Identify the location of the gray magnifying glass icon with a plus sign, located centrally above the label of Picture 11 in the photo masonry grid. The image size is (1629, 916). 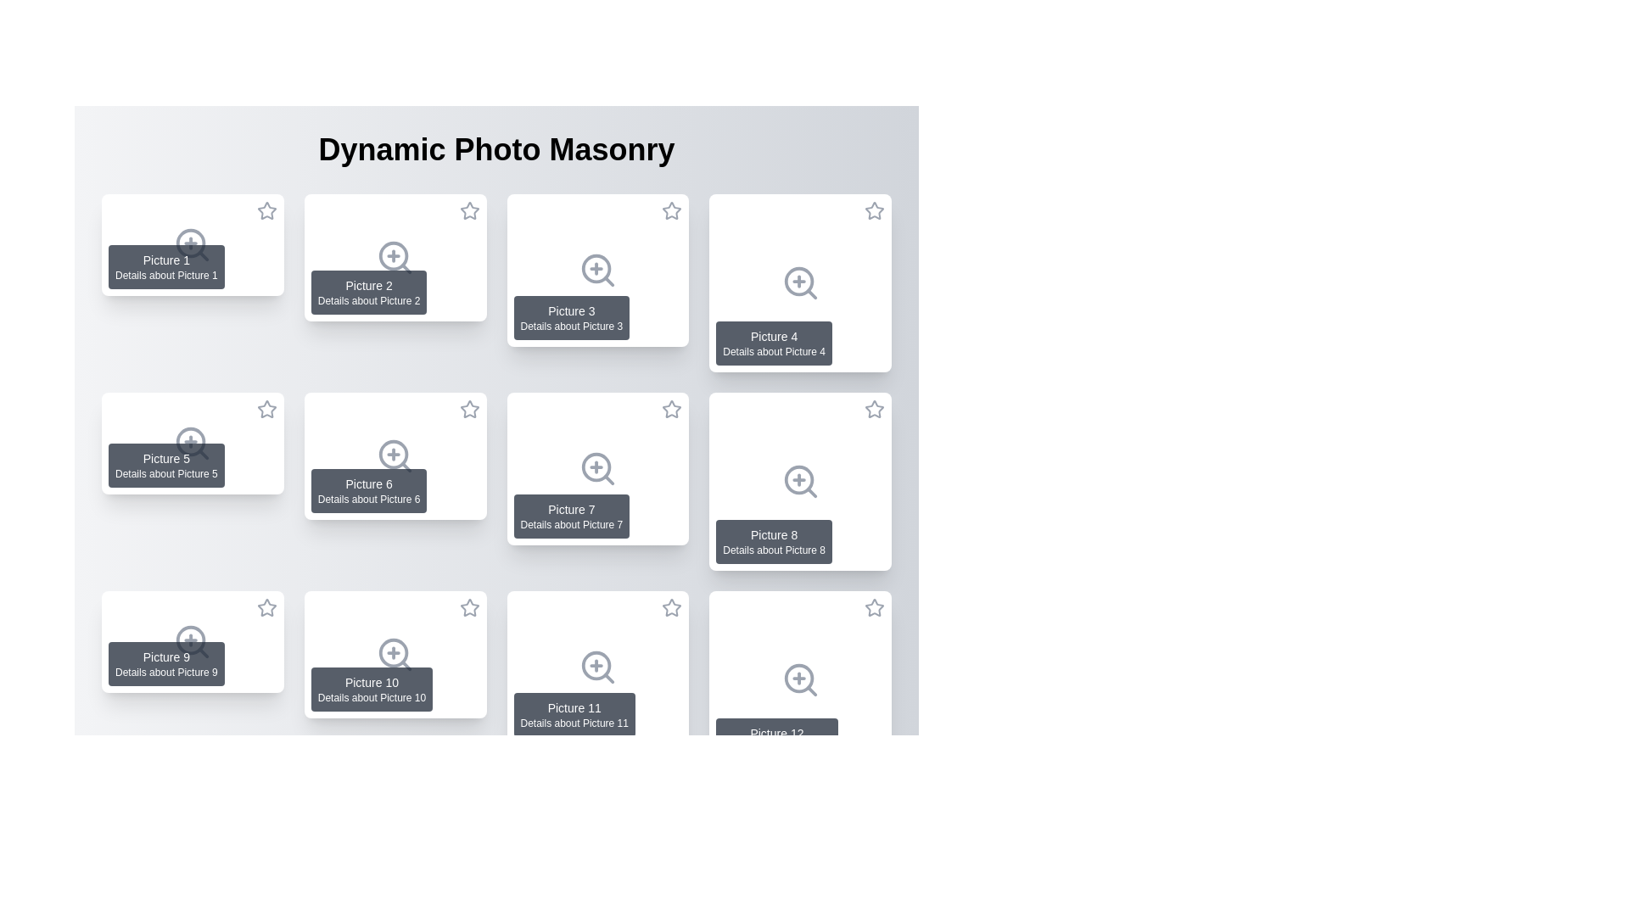
(597, 666).